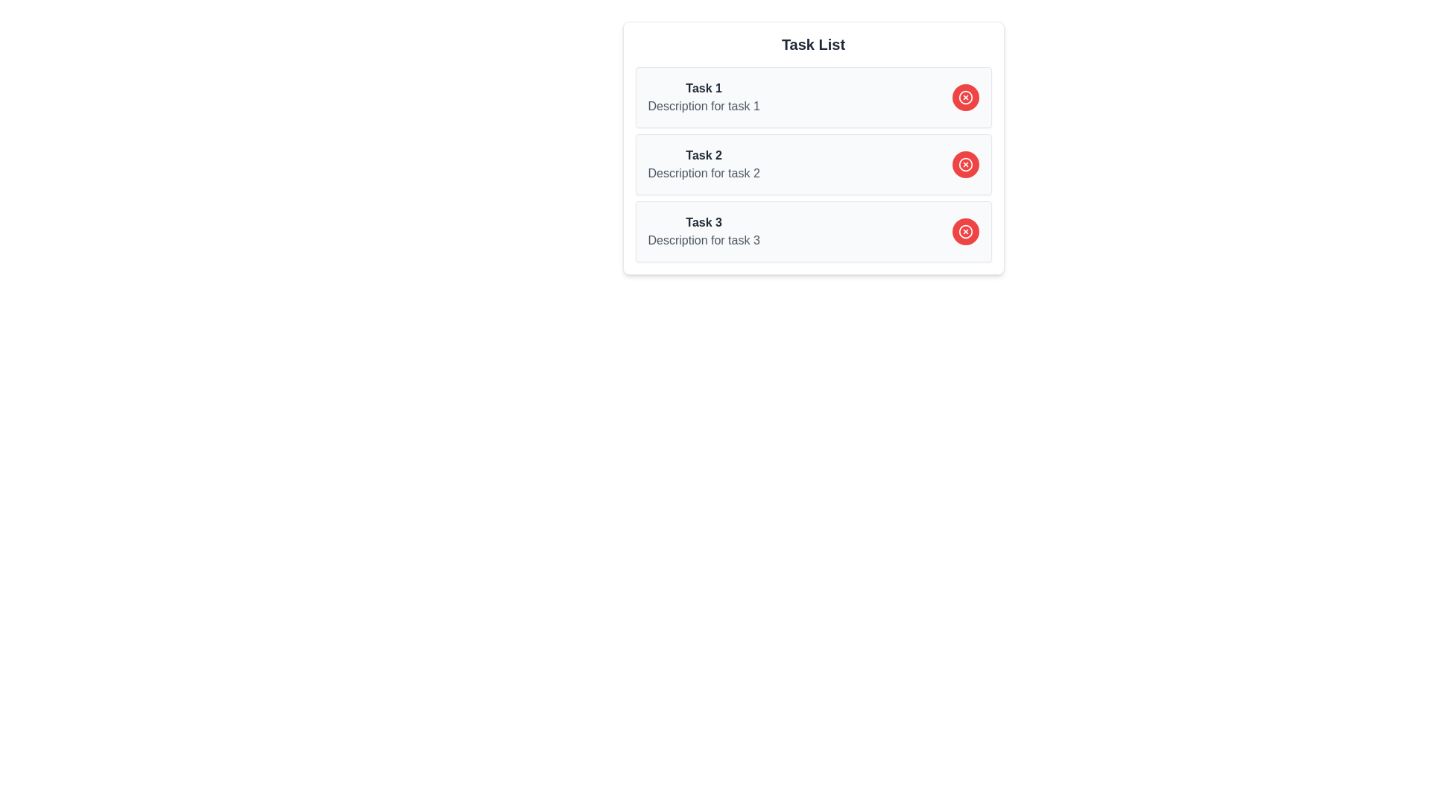  Describe the element at coordinates (965, 98) in the screenshot. I see `the SVG Circle element located in the rightmost section of the second task entry in the task list, which indicates a clickable area for canceling a task` at that location.